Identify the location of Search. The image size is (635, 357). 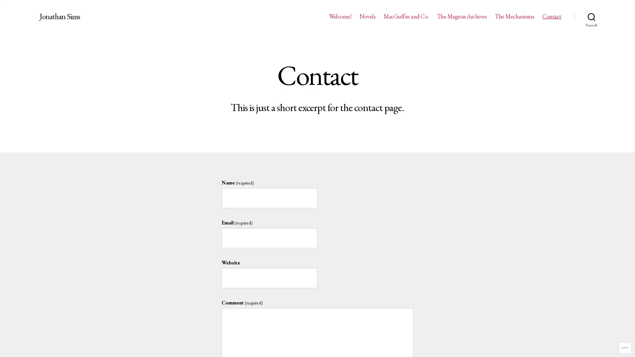
(591, 16).